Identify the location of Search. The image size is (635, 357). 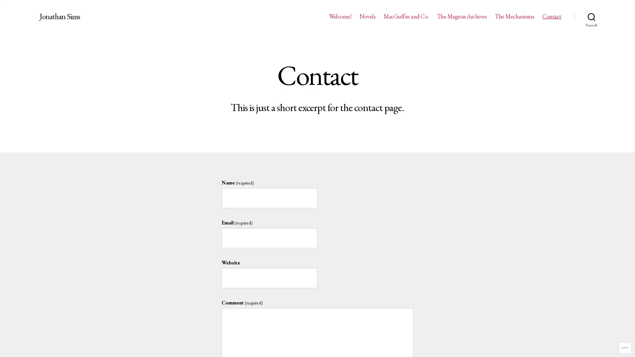
(591, 16).